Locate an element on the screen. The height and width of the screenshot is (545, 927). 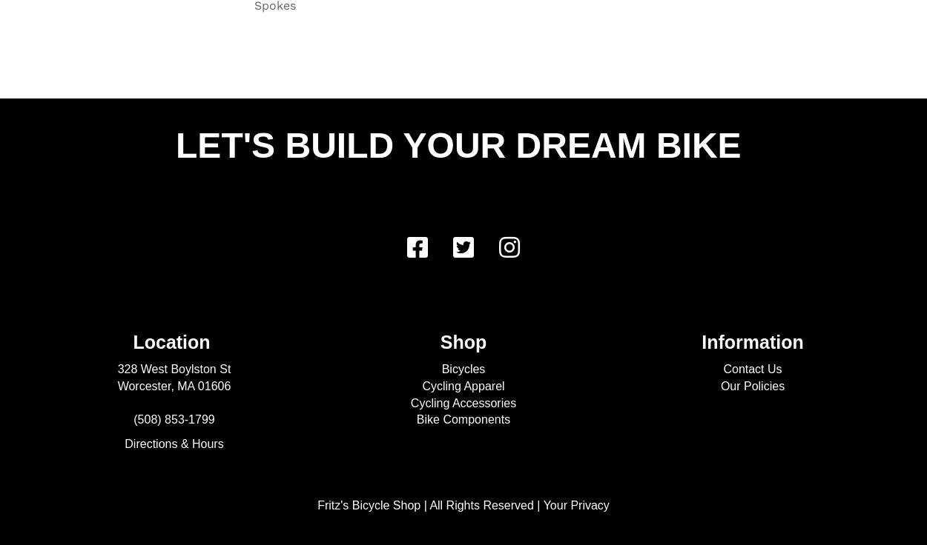
'Fritz's Bicycle Shop' is located at coordinates (368, 504).